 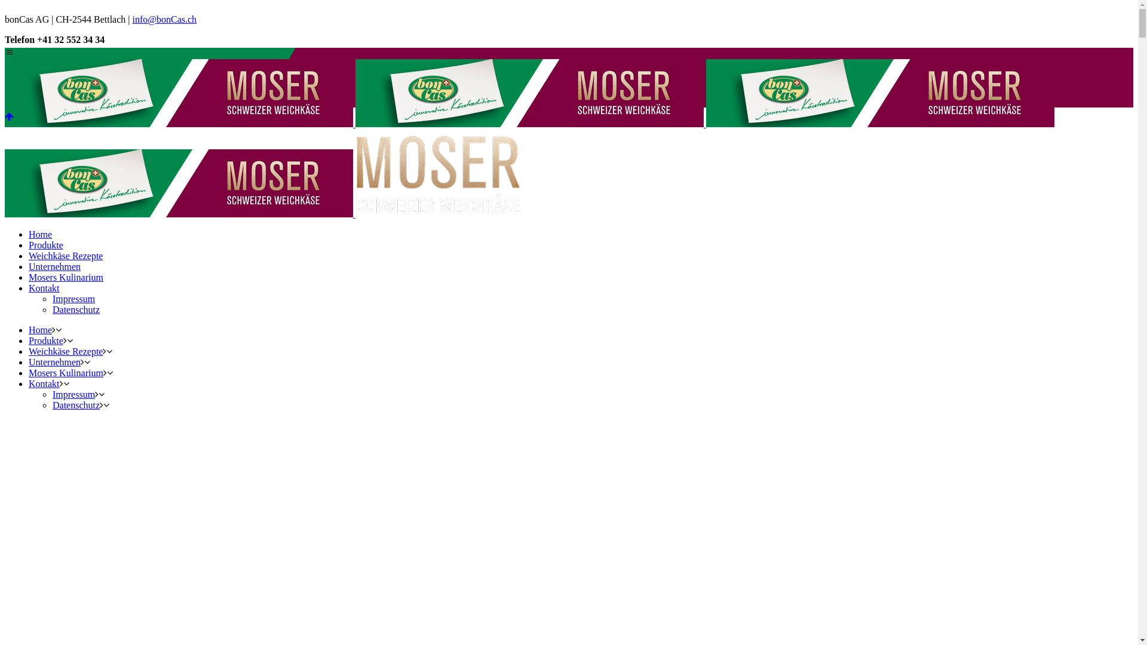 I want to click on 'Produkte', so click(x=29, y=340).